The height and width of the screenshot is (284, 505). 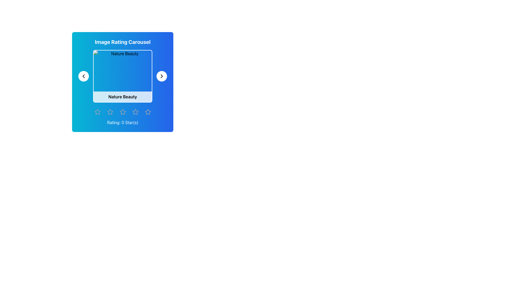 What do you see at coordinates (148, 111) in the screenshot?
I see `the last star icon in the rating section, which is a five-point star with a gray outline` at bounding box center [148, 111].